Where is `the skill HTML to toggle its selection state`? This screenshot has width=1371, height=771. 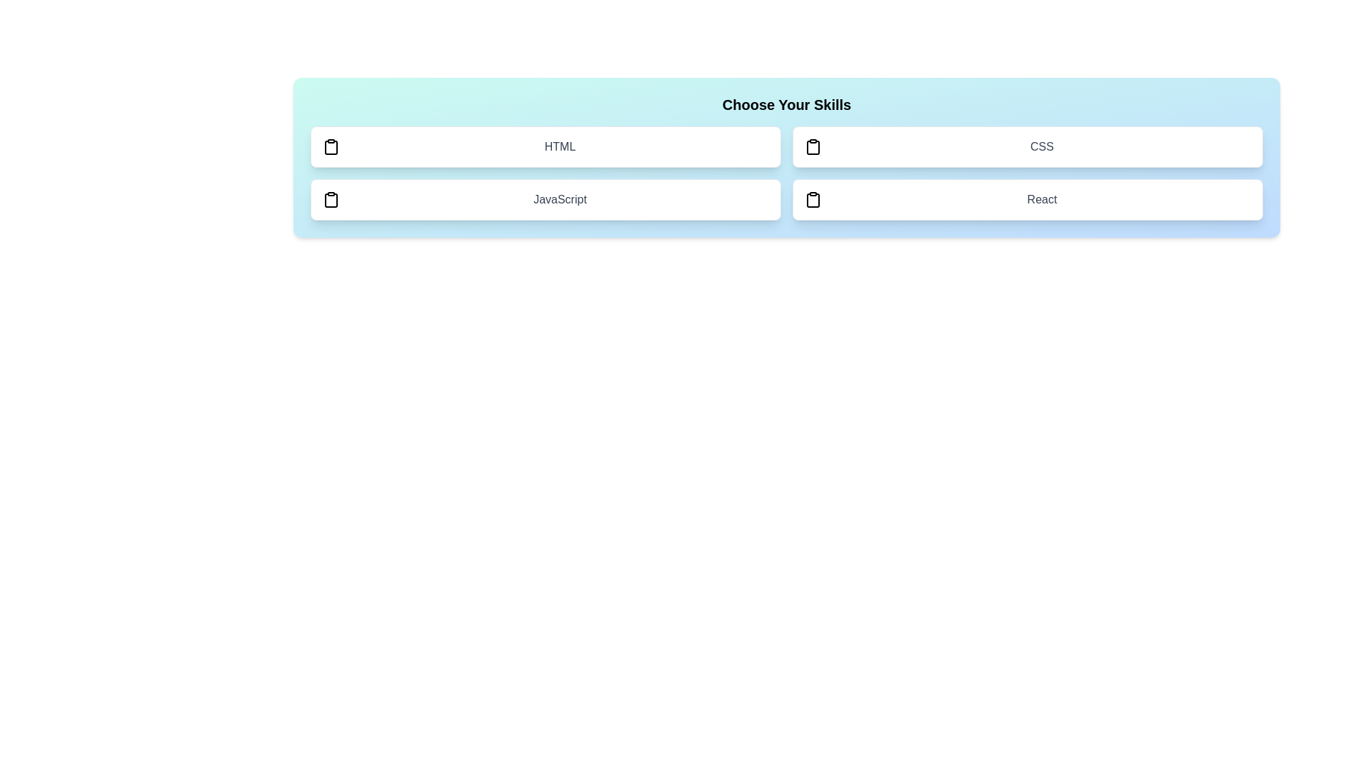
the skill HTML to toggle its selection state is located at coordinates (545, 146).